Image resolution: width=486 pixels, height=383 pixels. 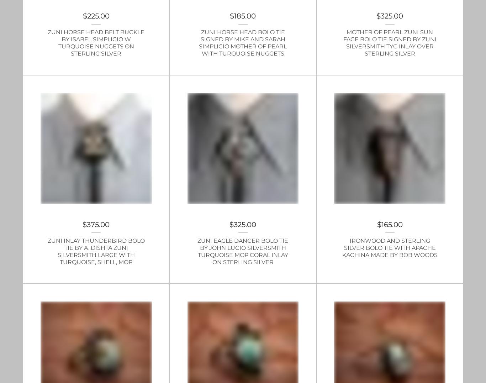 I want to click on 'Zuni Eagle Dancer Bolo Tie  by John Lucio Silversmith Turquoise MOP Coral inlay on Sterling Silver', so click(x=242, y=251).